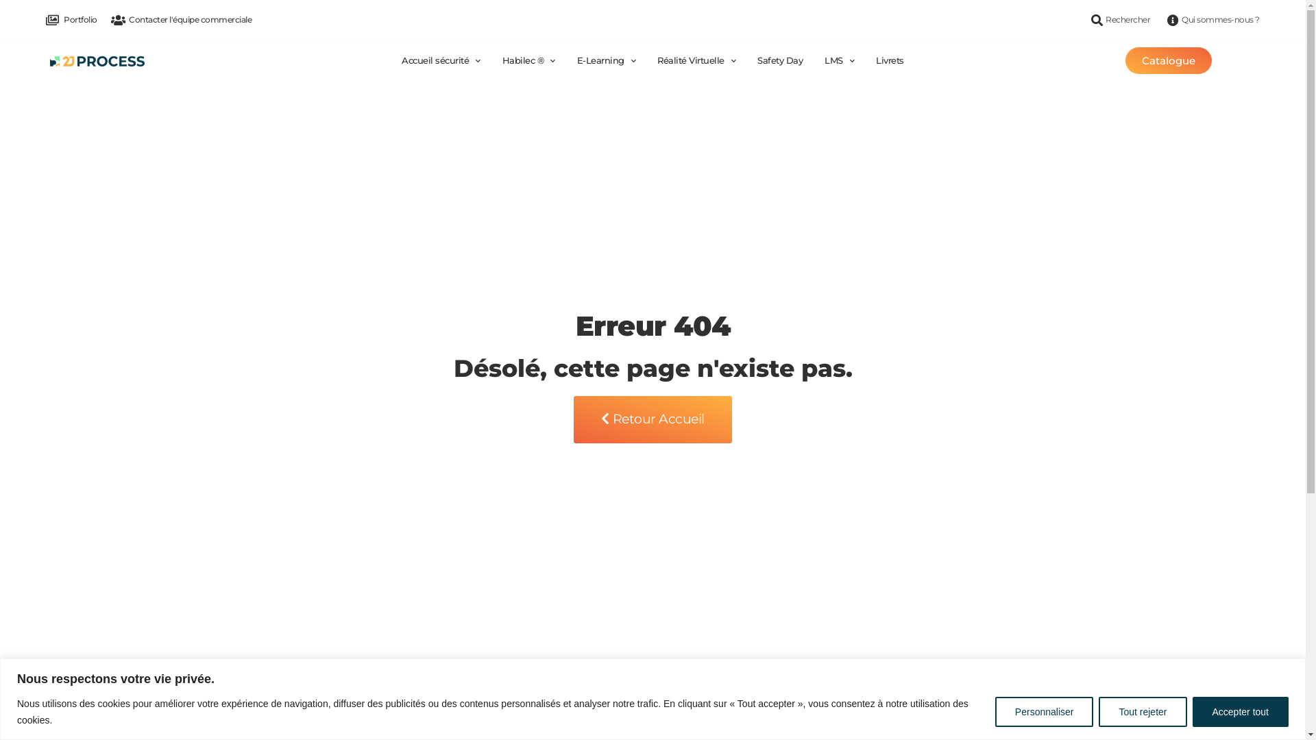 The width and height of the screenshot is (1316, 740). I want to click on 'Safety Day', so click(756, 60).